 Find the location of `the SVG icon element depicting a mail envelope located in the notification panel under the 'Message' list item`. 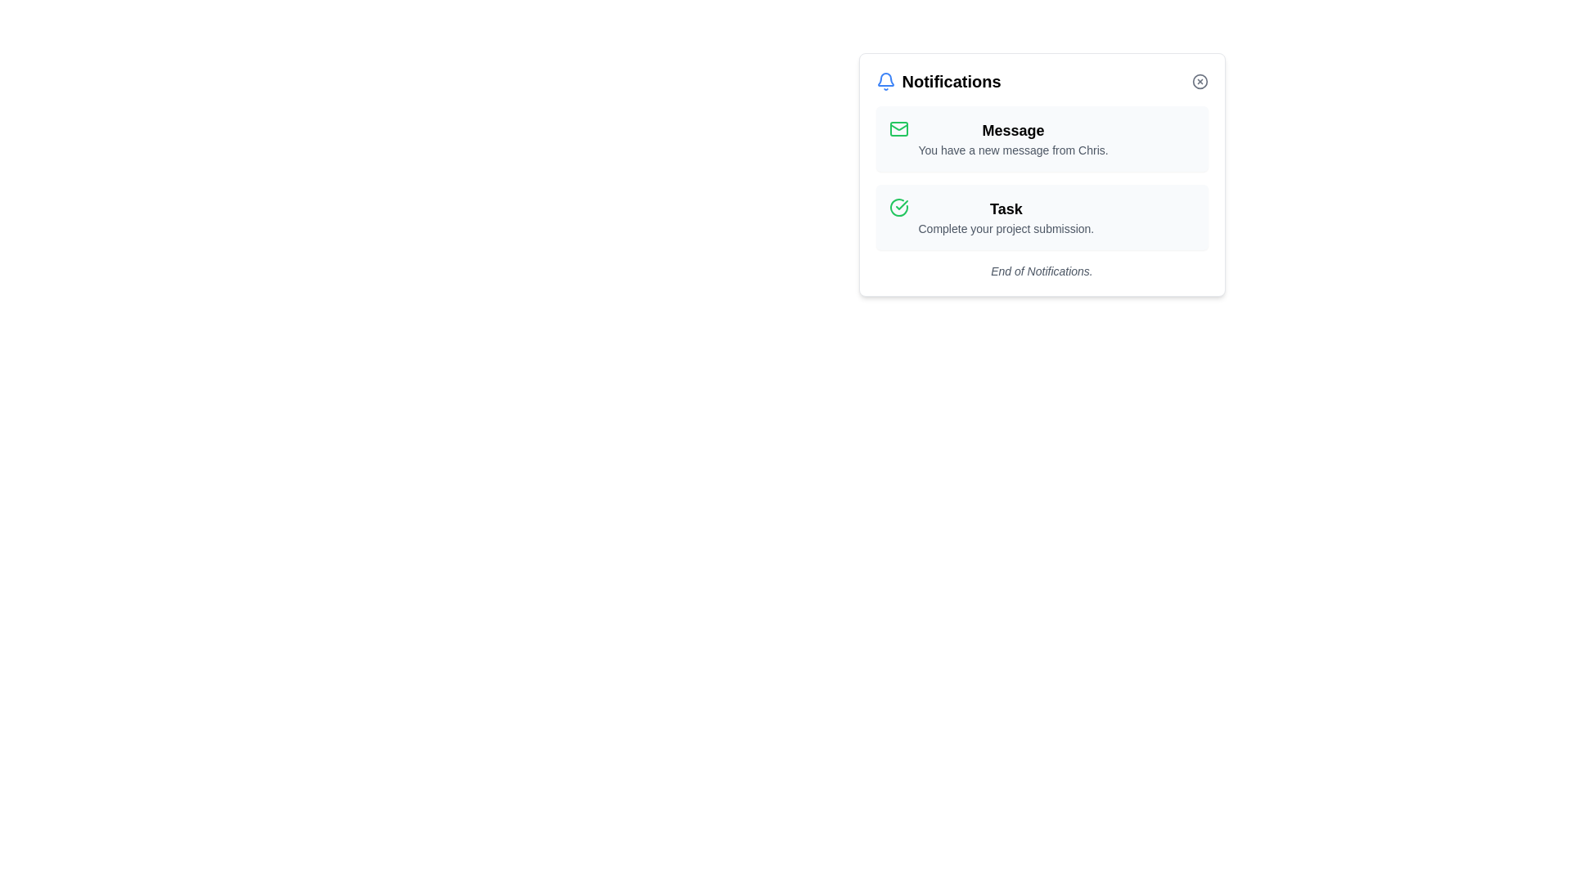

the SVG icon element depicting a mail envelope located in the notification panel under the 'Message' list item is located at coordinates (898, 128).